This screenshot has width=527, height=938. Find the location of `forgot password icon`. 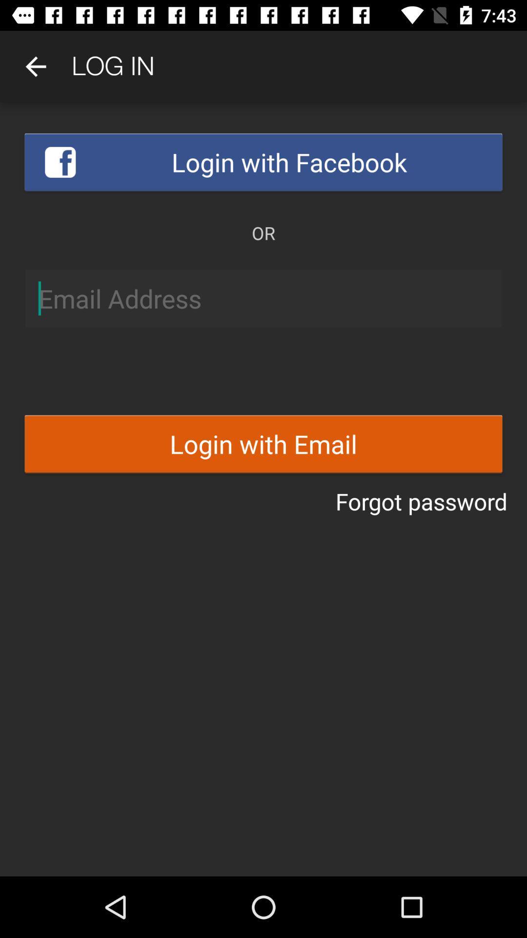

forgot password icon is located at coordinates (421, 501).